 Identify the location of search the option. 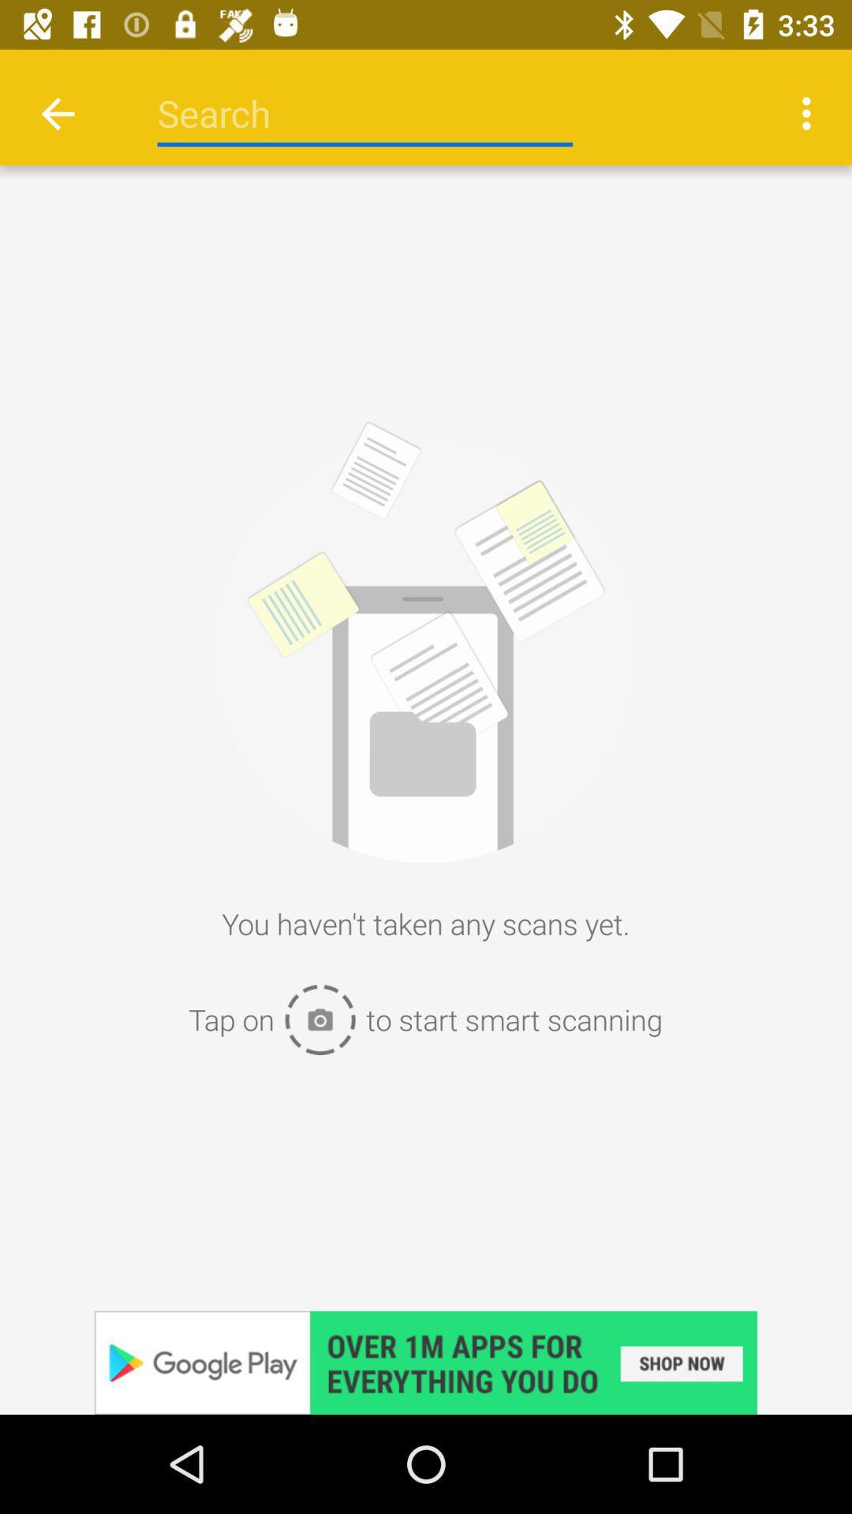
(364, 113).